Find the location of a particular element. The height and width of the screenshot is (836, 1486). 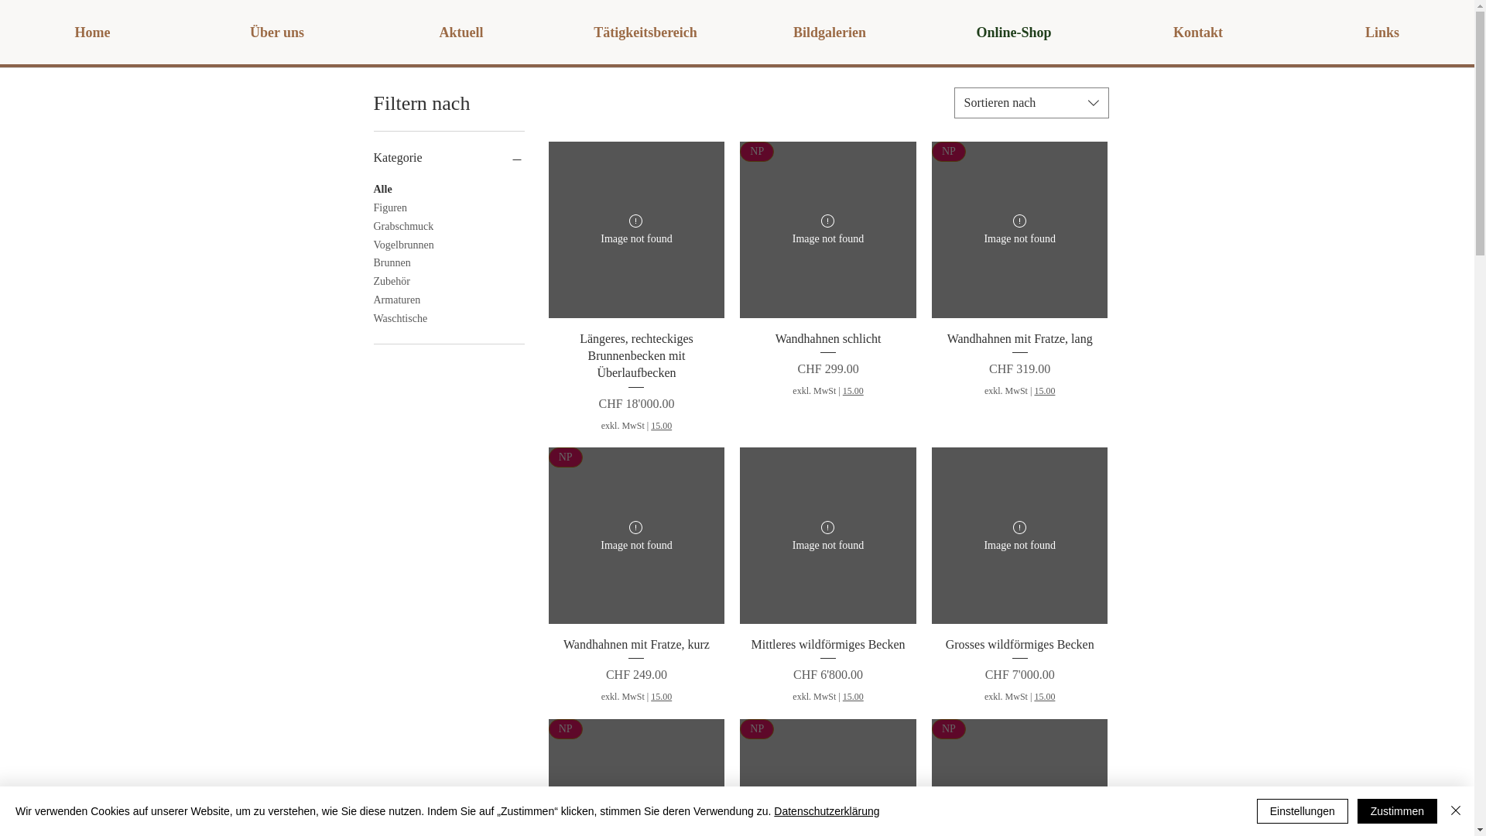

'15.00' is located at coordinates (661, 697).